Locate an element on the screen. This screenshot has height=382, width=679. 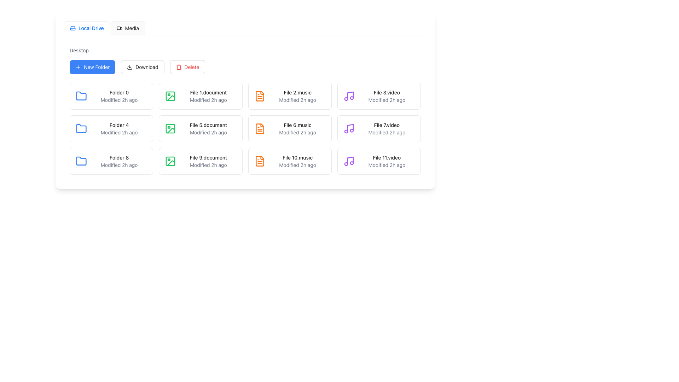
the Text label that indicates the last modification time for the associated file, located in the lower-right portion of the layout, directly below 'File 10.music' is located at coordinates (297, 165).